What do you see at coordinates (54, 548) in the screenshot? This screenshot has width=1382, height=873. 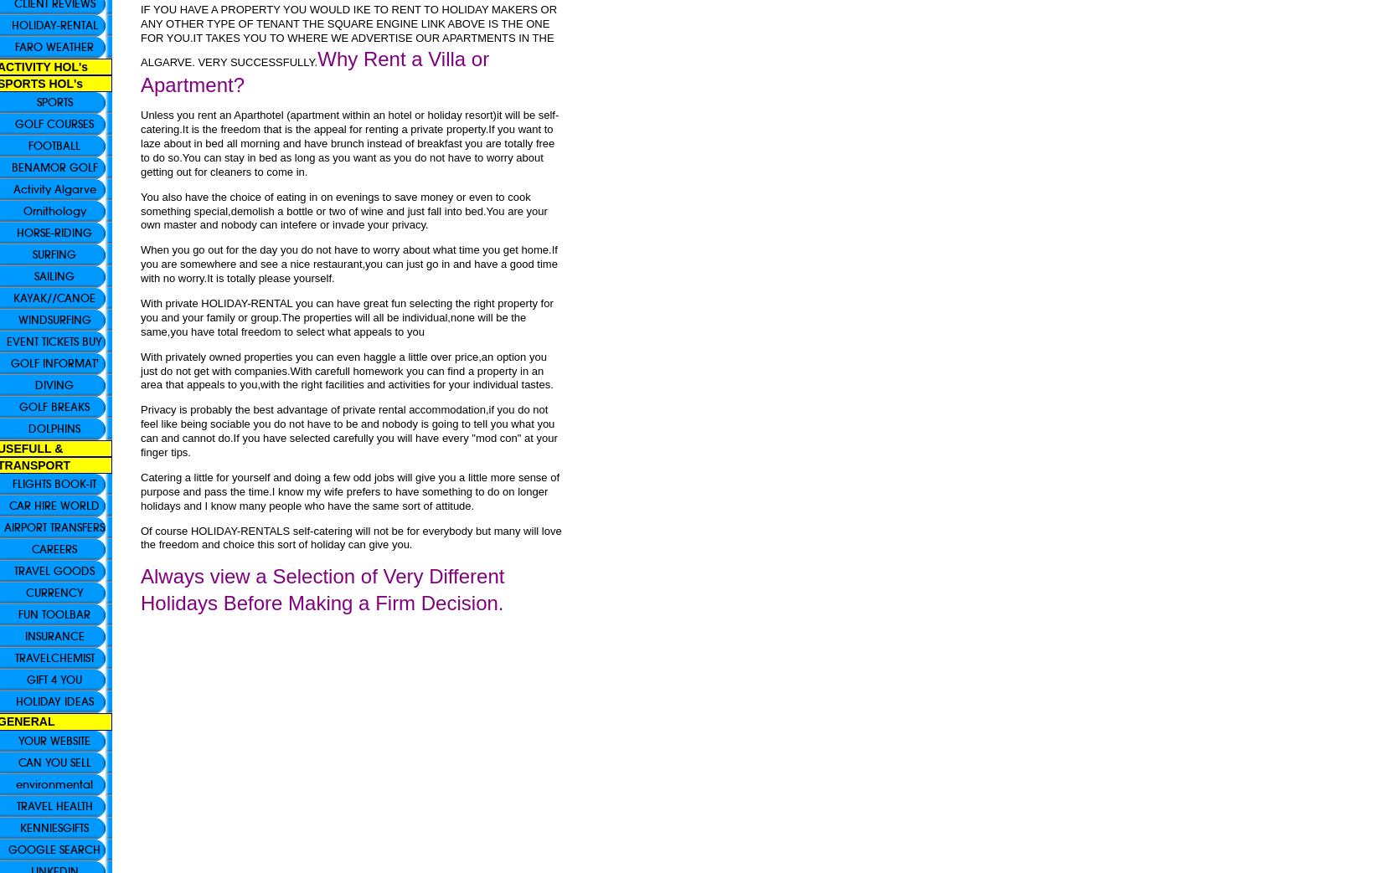 I see `'CAREERS'` at bounding box center [54, 548].